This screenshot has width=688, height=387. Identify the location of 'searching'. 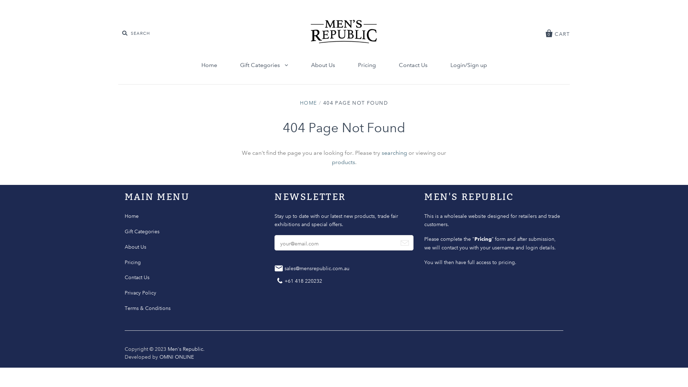
(394, 152).